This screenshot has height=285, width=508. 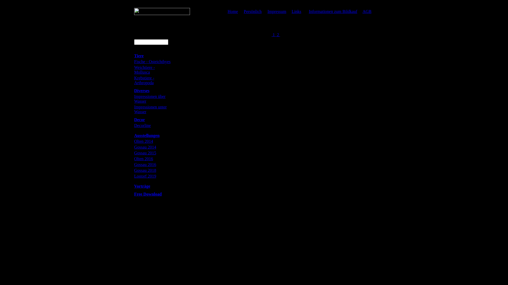 What do you see at coordinates (278, 35) in the screenshot?
I see `' 2 '` at bounding box center [278, 35].